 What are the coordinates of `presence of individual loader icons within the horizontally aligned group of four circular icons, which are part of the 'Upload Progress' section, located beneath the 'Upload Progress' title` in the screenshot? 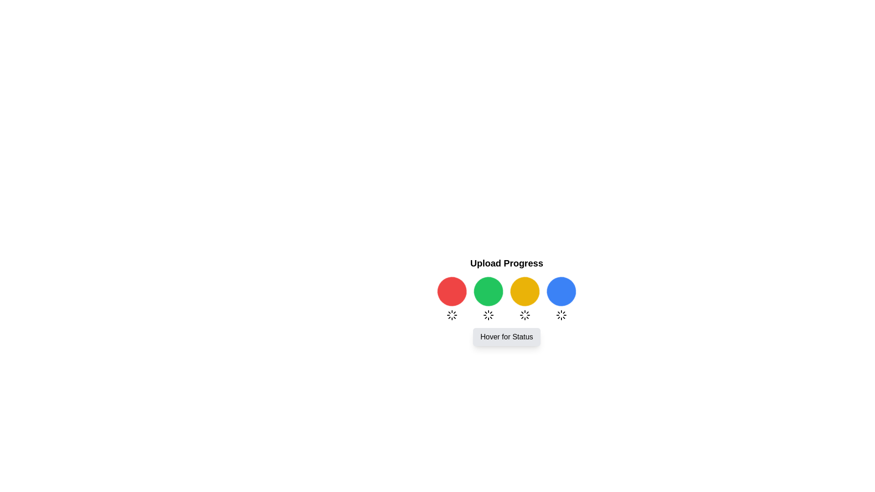 It's located at (506, 298).